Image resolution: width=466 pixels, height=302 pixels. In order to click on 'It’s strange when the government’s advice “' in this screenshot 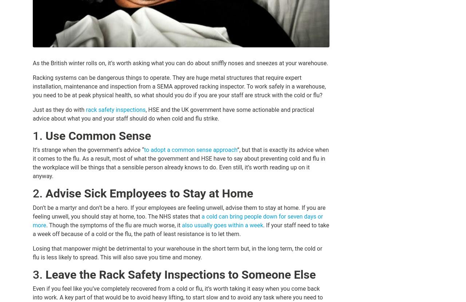, I will do `click(32, 150)`.